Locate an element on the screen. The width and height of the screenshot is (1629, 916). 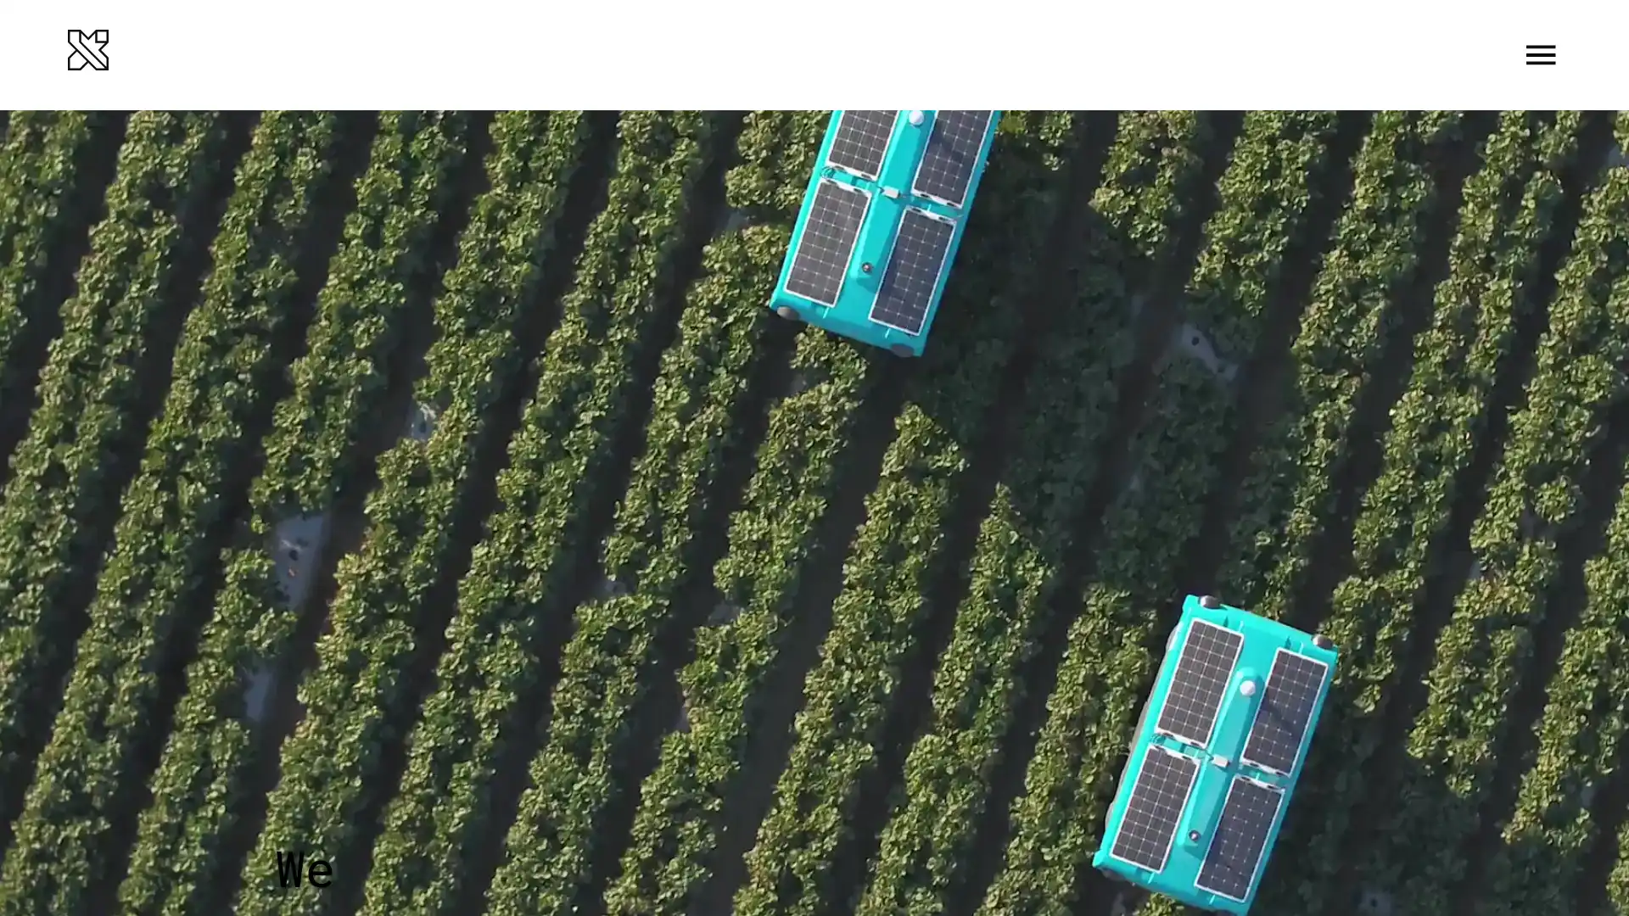
Menu is located at coordinates (1252, 60).